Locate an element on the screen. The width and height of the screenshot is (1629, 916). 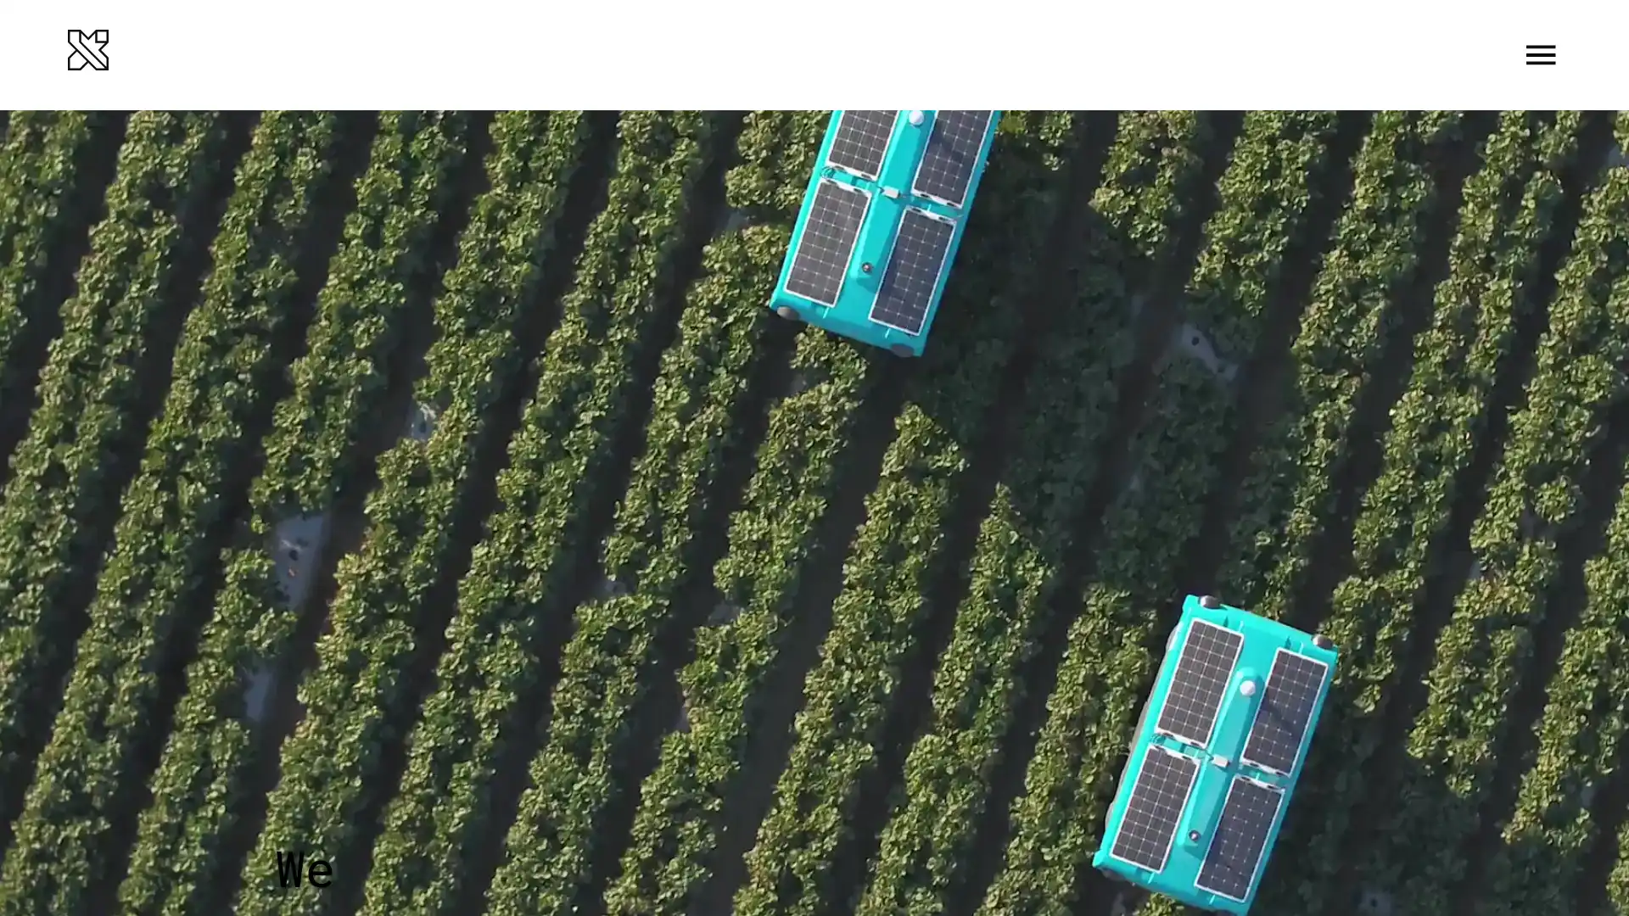
Menu is located at coordinates (1252, 60).